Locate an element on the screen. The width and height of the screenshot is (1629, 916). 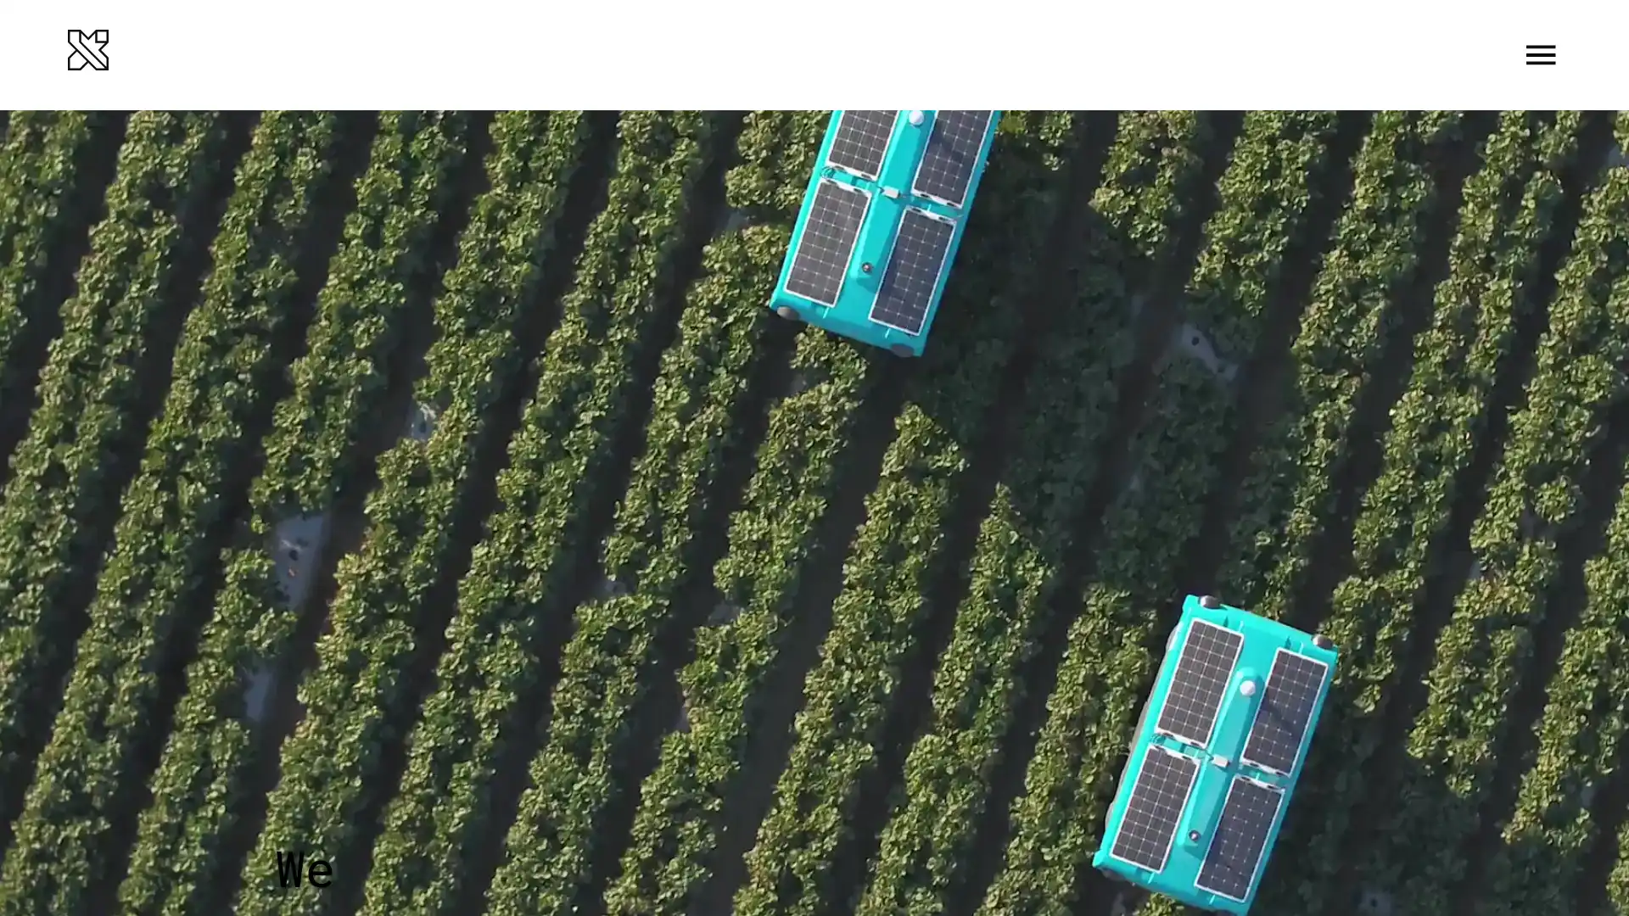
Menu is located at coordinates (1252, 60).